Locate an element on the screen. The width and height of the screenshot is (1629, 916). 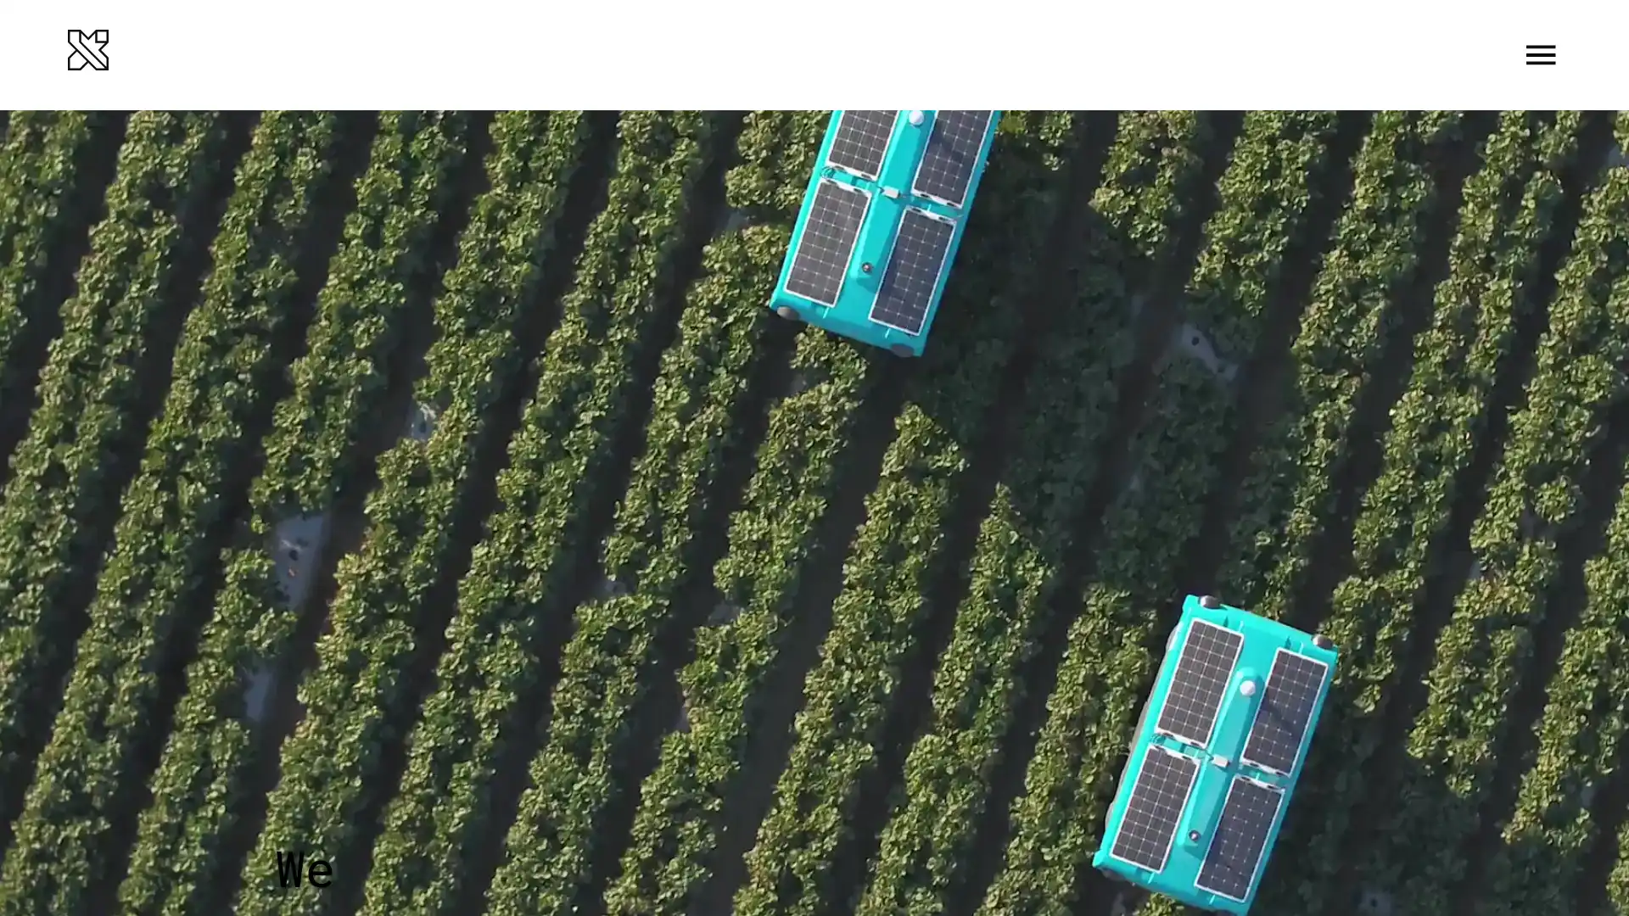
Menu is located at coordinates (1252, 60).